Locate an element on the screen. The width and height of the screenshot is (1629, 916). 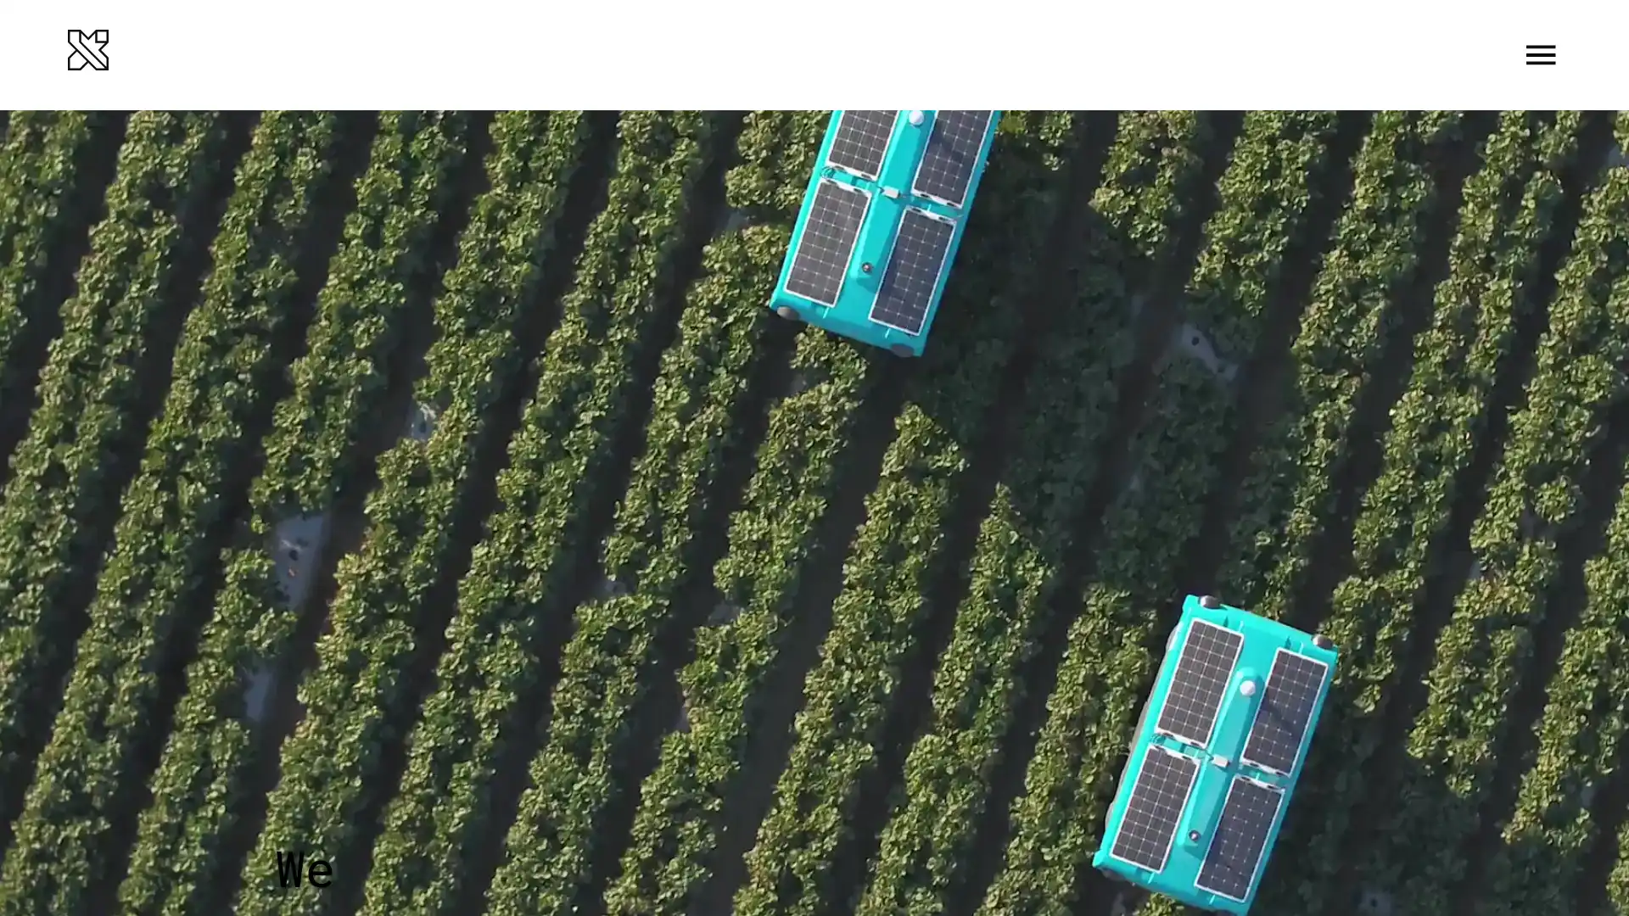
Menu is located at coordinates (1252, 60).